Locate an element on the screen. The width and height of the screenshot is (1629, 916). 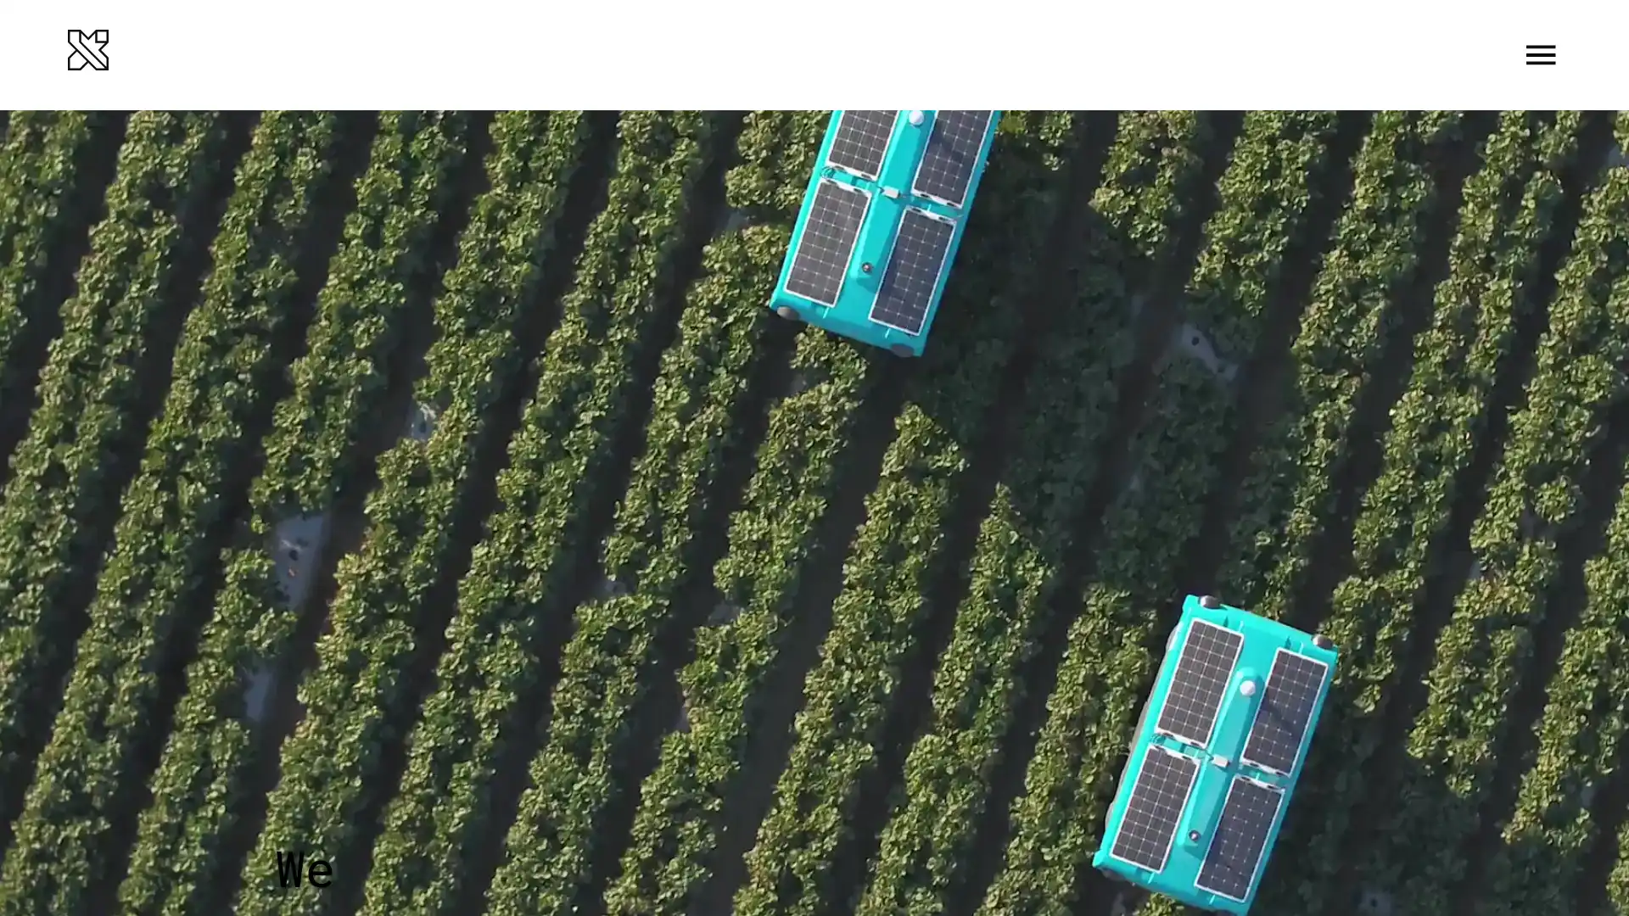
Menu is located at coordinates (1252, 60).